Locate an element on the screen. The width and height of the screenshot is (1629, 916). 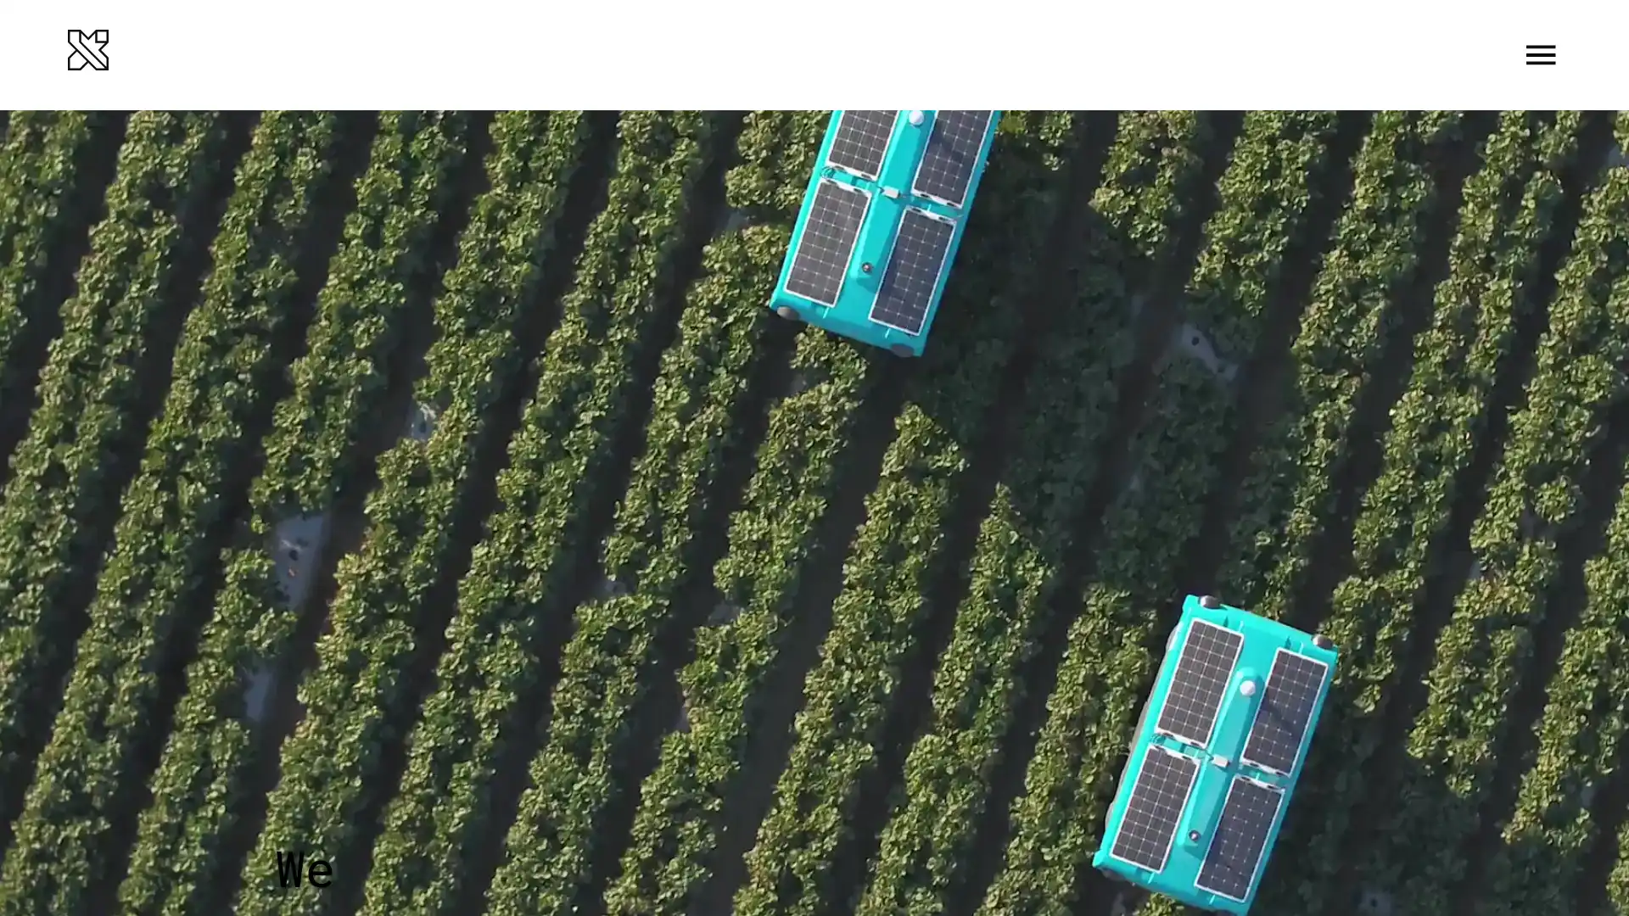
Menu is located at coordinates (1252, 60).